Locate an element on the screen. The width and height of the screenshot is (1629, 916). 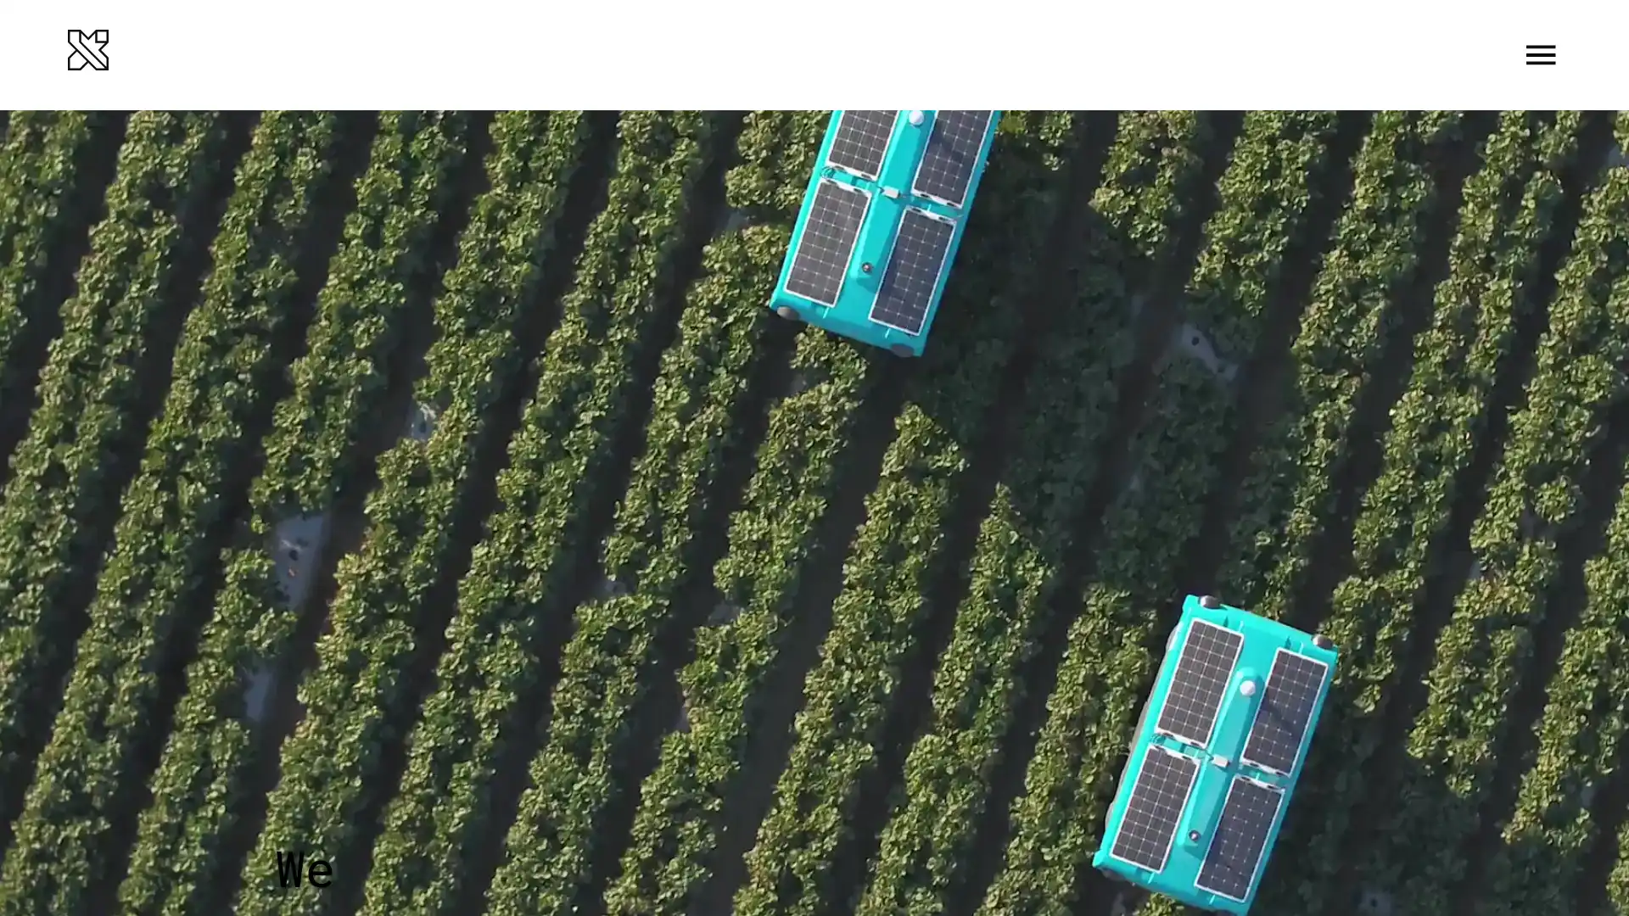
Menu is located at coordinates (1252, 60).